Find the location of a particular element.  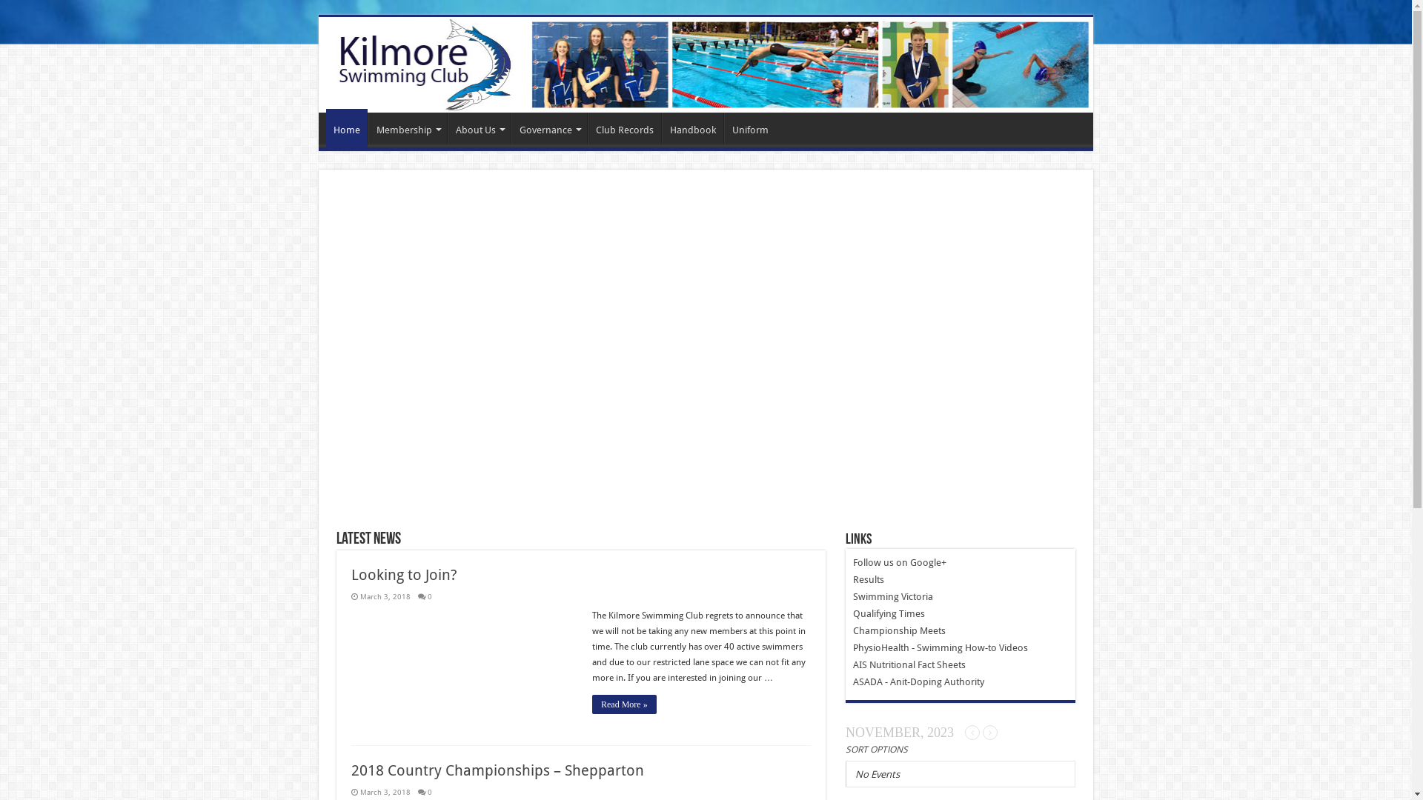

'0' is located at coordinates (429, 594).